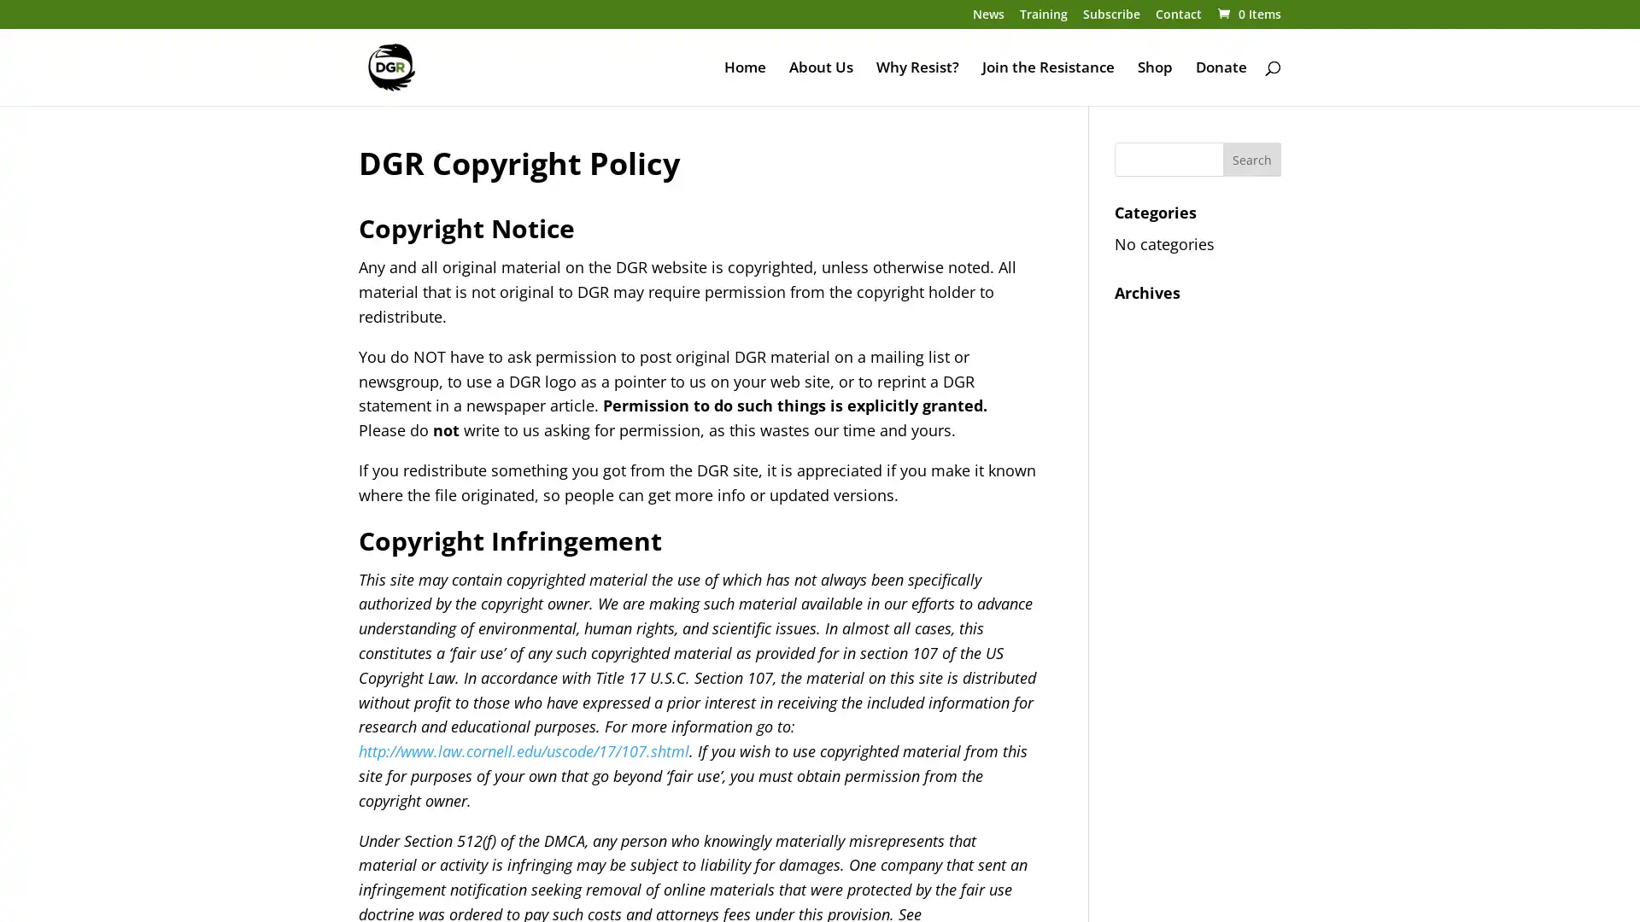 The width and height of the screenshot is (1640, 922). What do you see at coordinates (1251, 159) in the screenshot?
I see `Search` at bounding box center [1251, 159].